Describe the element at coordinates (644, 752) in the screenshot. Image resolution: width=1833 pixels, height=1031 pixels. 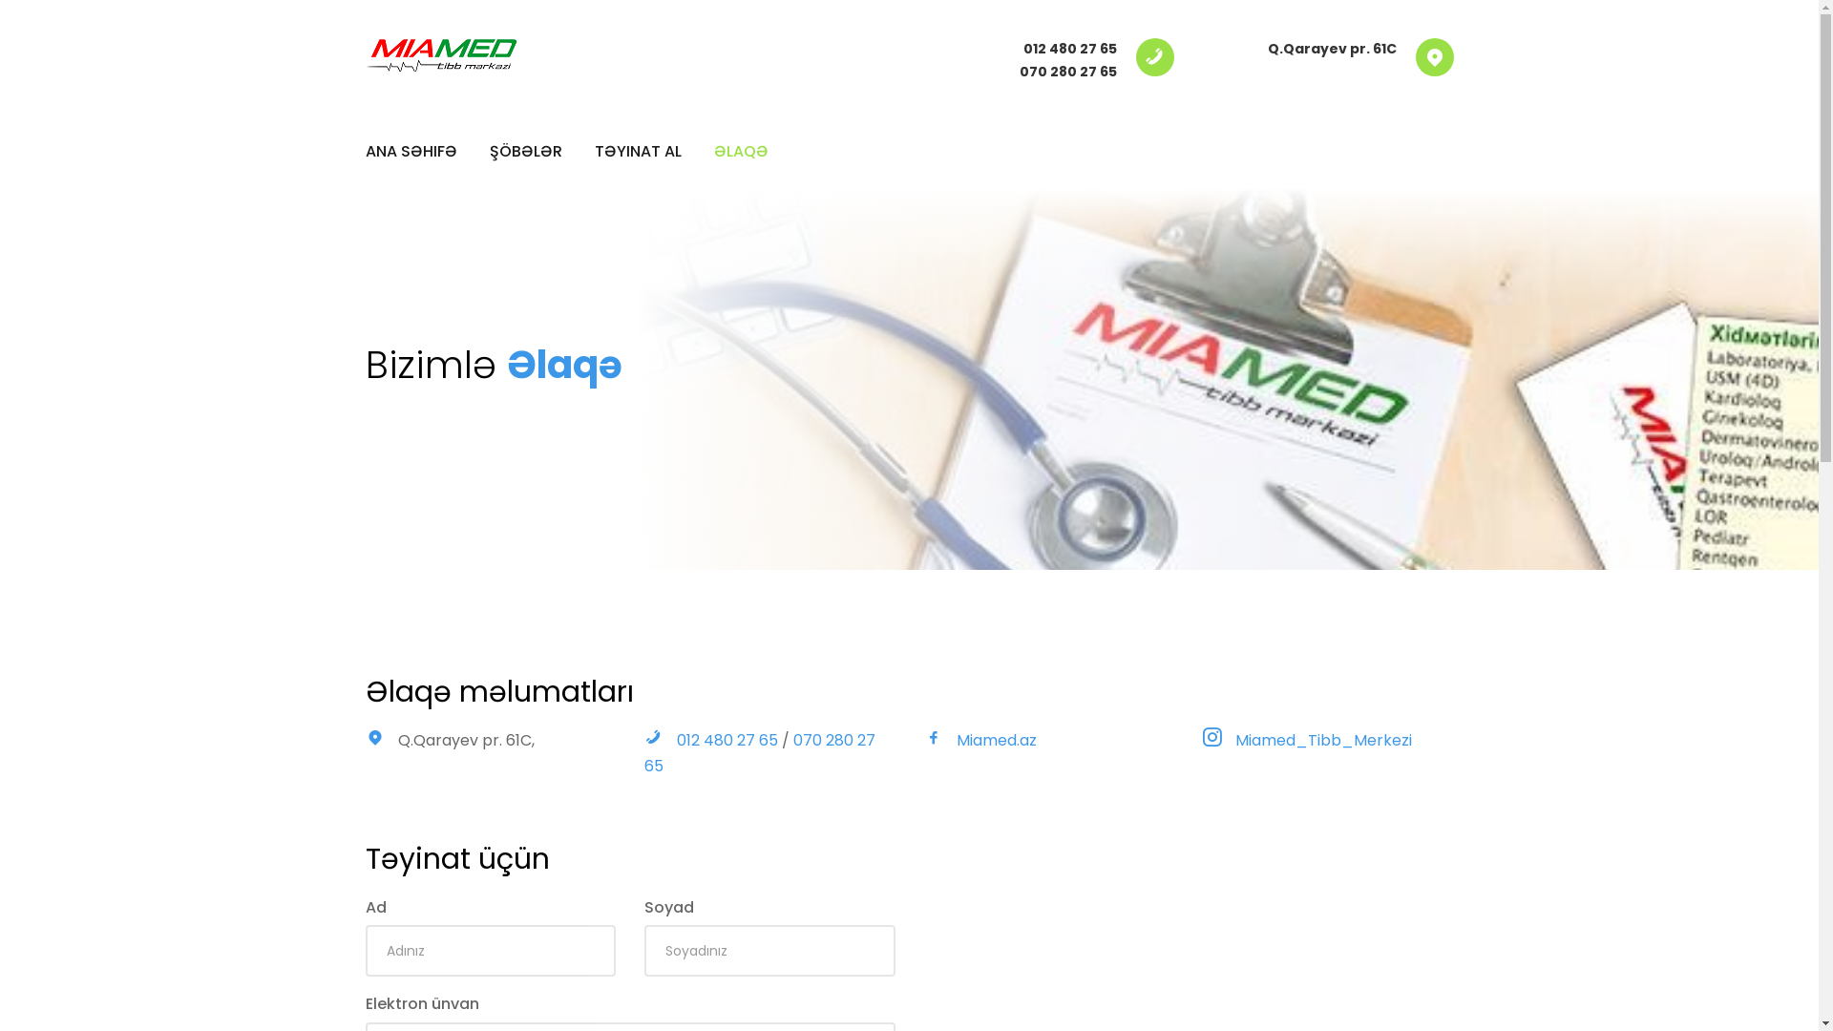
I see `'070 280 27 65'` at that location.